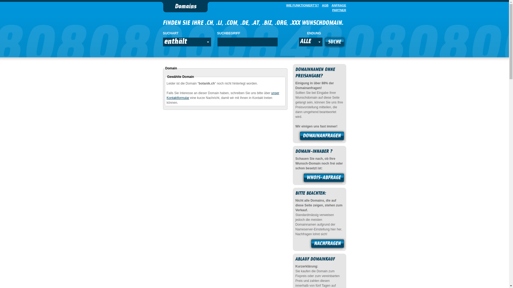 The width and height of the screenshot is (513, 288). I want to click on 'WHOIS-ABFRAGE', so click(324, 178).